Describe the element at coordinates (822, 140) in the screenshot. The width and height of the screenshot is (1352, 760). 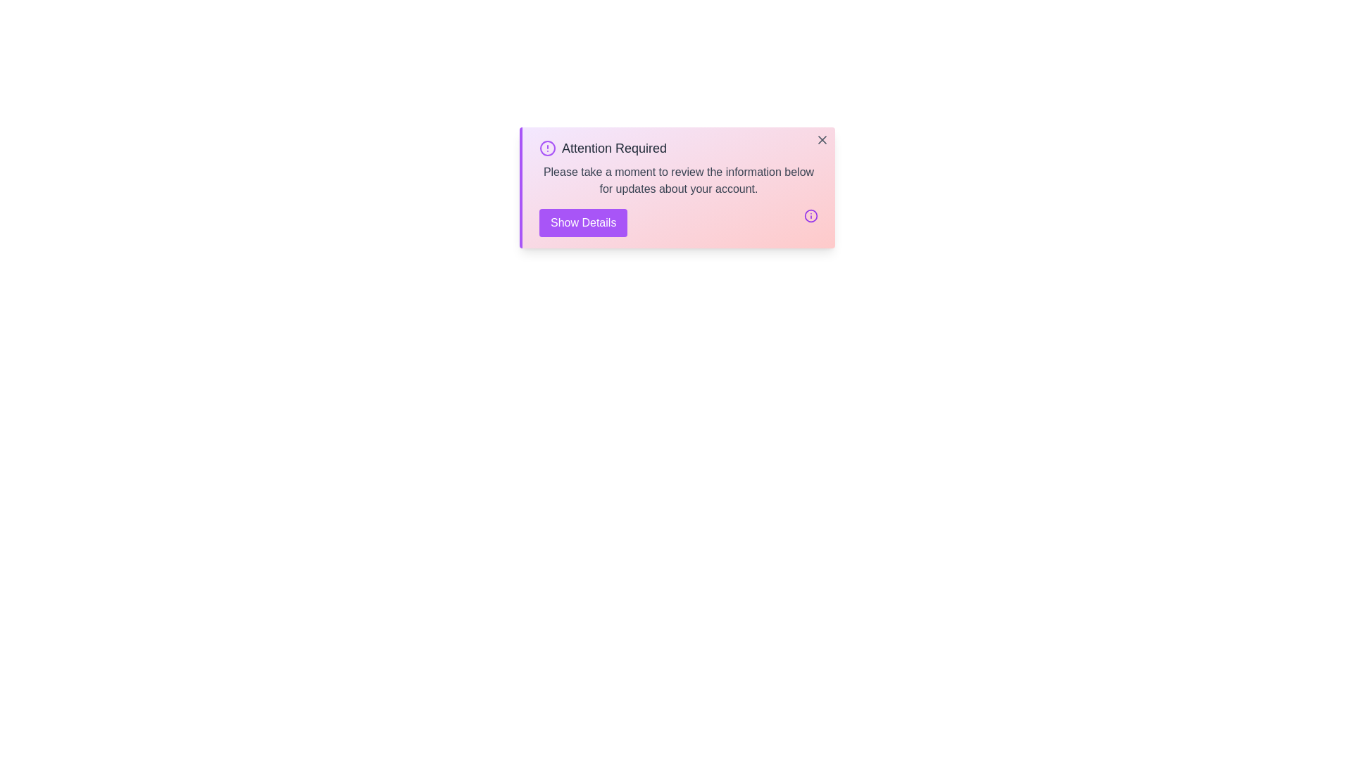
I see `the close button to dismiss the alert` at that location.